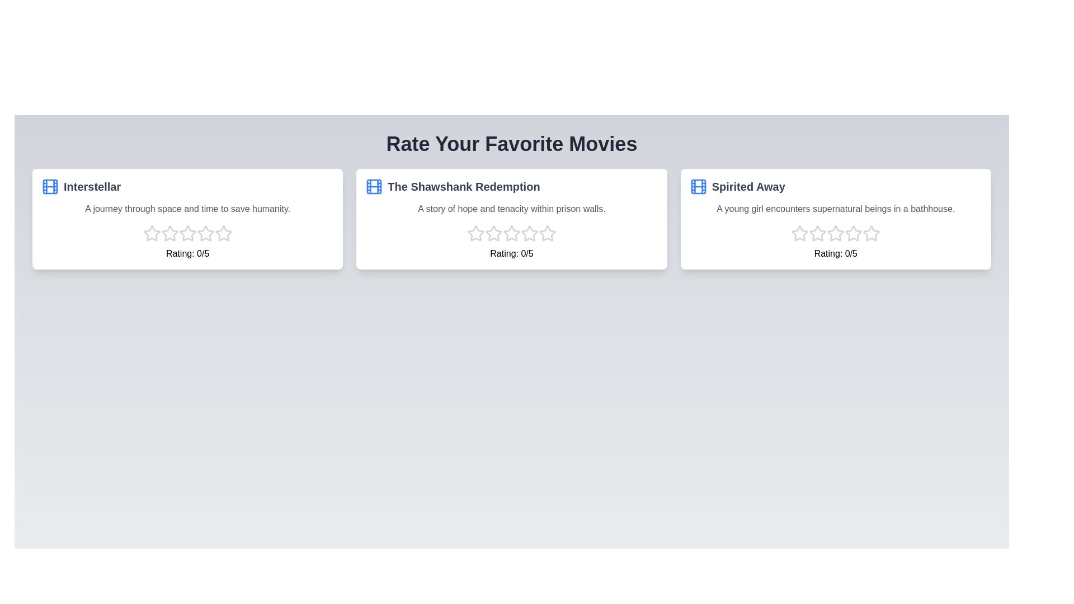  What do you see at coordinates (836, 233) in the screenshot?
I see `the star corresponding to the 3 rating for the movie Spirited Away` at bounding box center [836, 233].